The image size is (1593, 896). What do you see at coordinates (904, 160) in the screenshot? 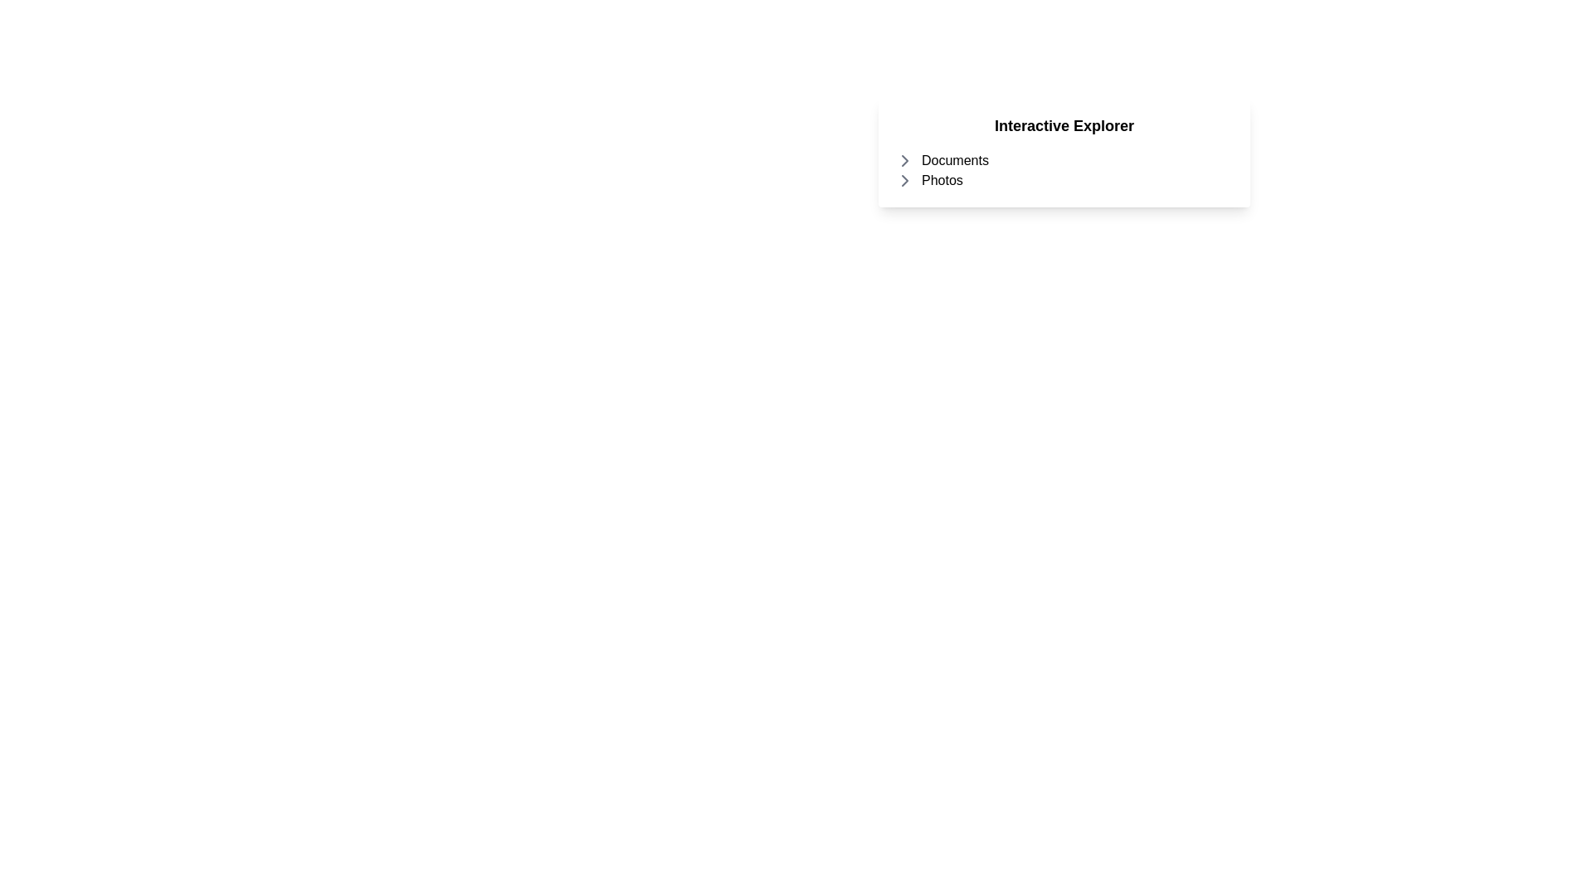
I see `the Right-pointing Arrow Icon located to the center-right of the text 'Documents'` at bounding box center [904, 160].